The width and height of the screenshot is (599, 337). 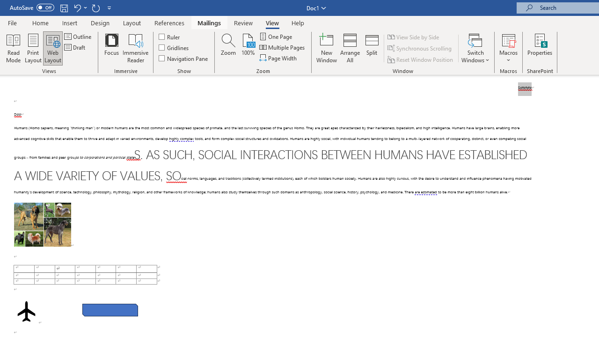 What do you see at coordinates (327, 48) in the screenshot?
I see `'New Window'` at bounding box center [327, 48].